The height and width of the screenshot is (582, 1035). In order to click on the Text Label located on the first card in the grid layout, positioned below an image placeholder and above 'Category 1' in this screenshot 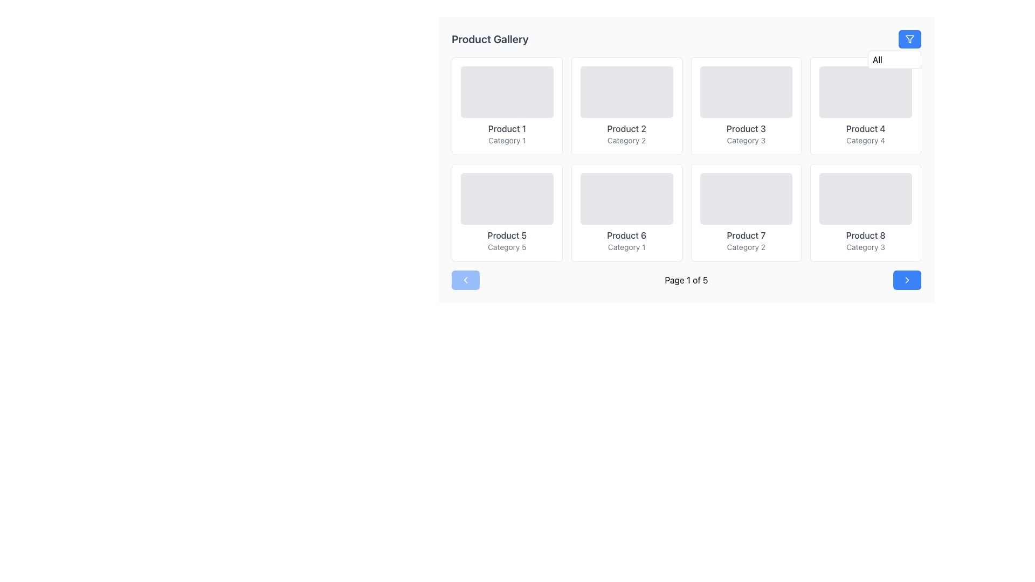, I will do `click(506, 128)`.